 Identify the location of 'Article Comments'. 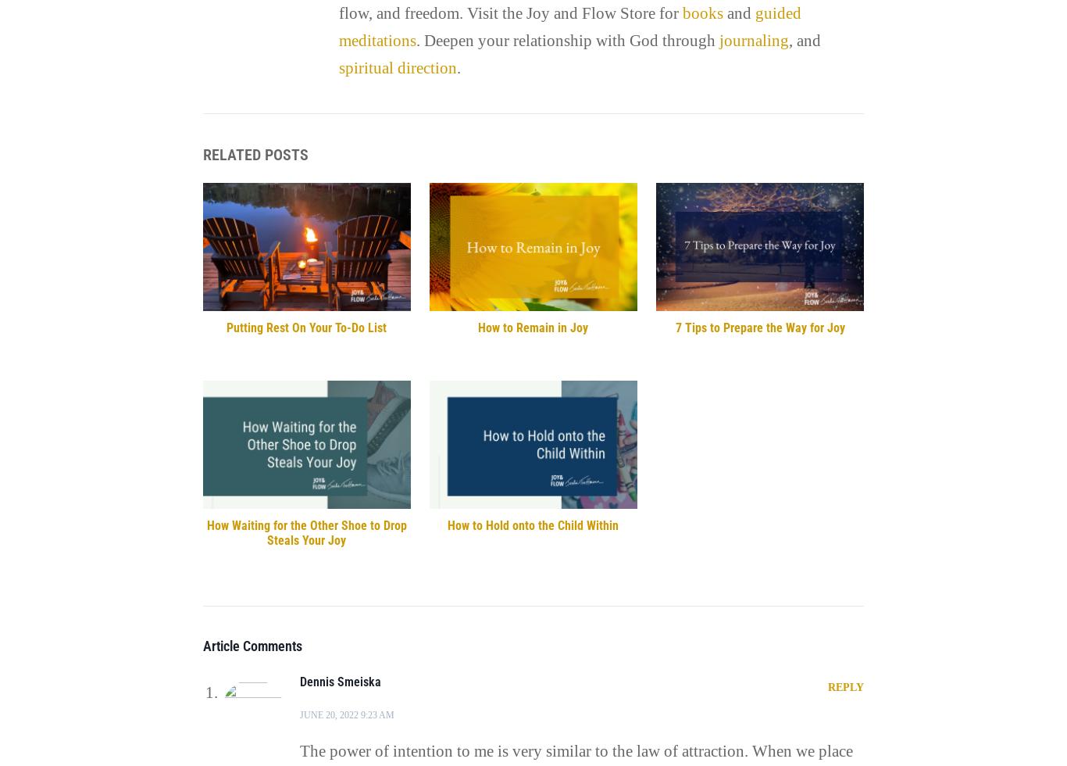
(252, 645).